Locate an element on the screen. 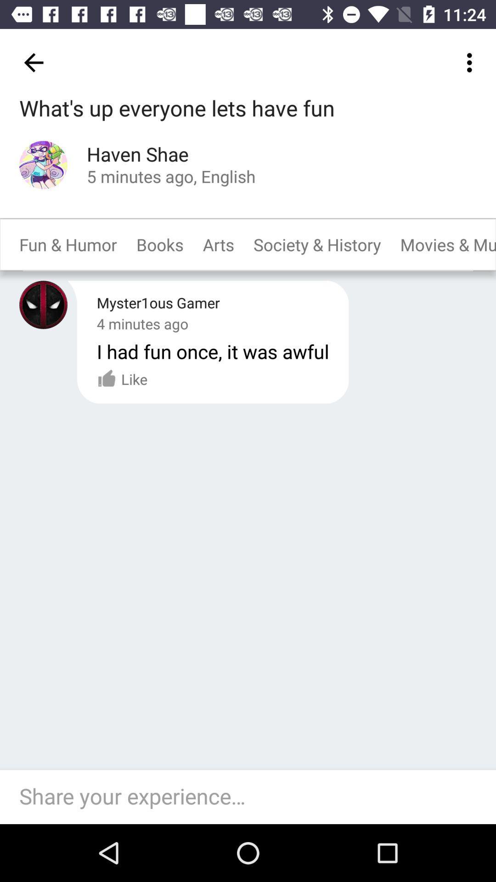 Image resolution: width=496 pixels, height=882 pixels. the i had fun at the center is located at coordinates (213, 351).